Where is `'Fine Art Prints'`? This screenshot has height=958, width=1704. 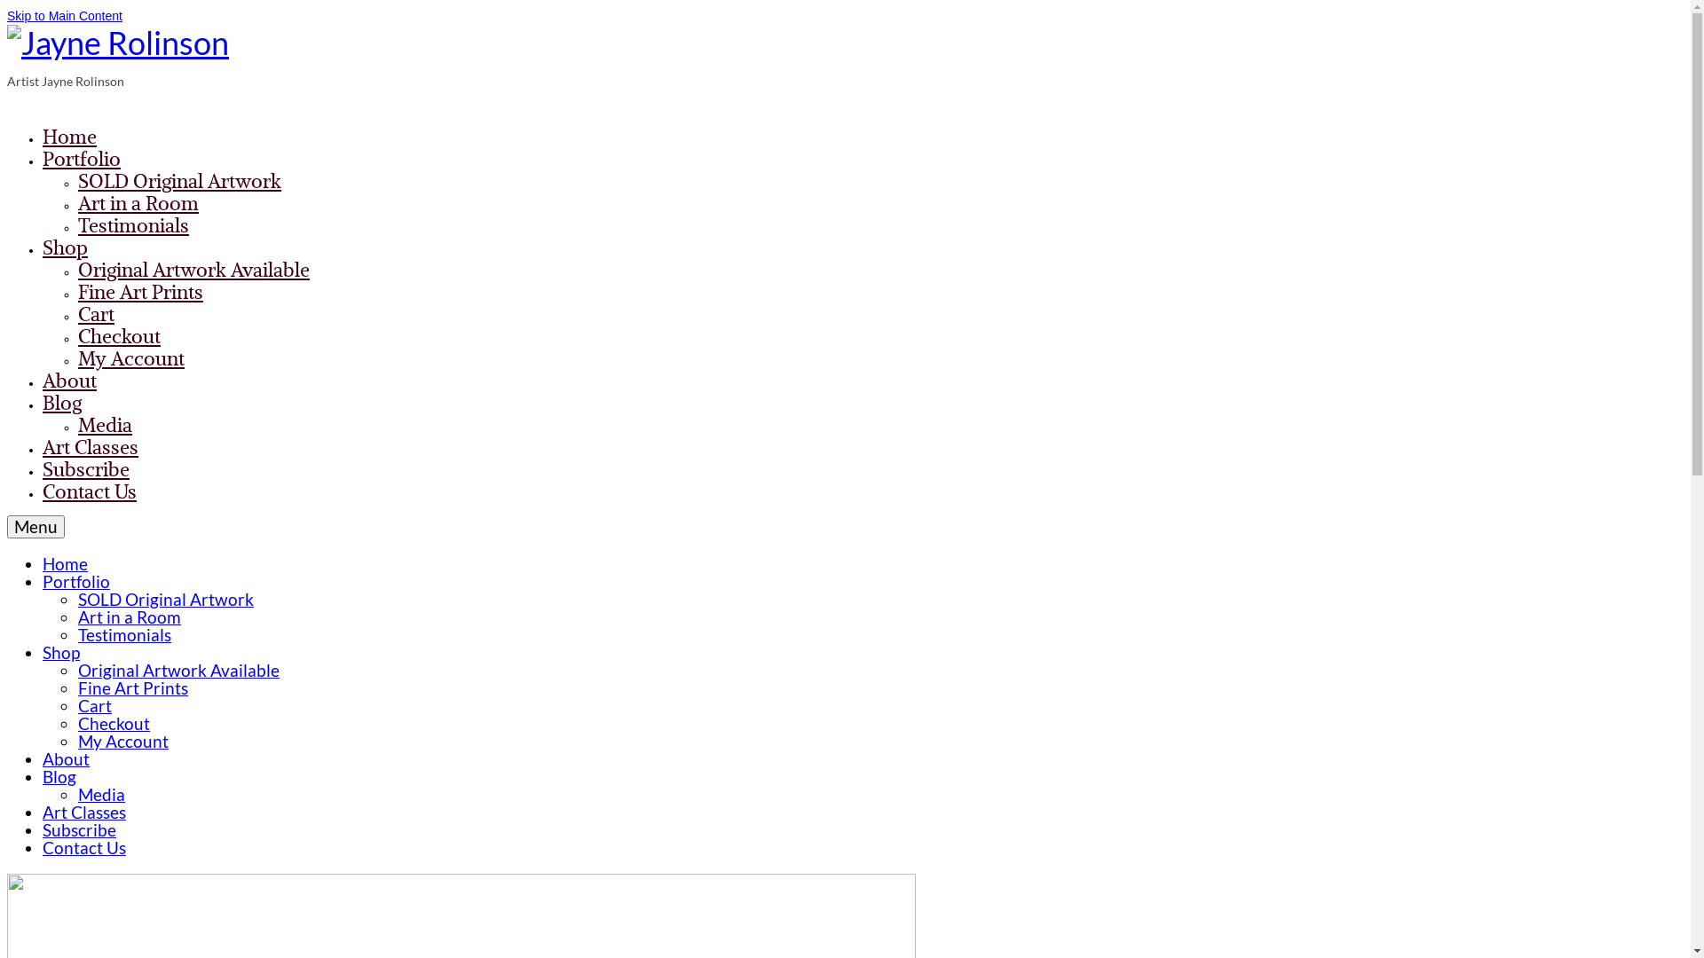
'Fine Art Prints' is located at coordinates (76, 290).